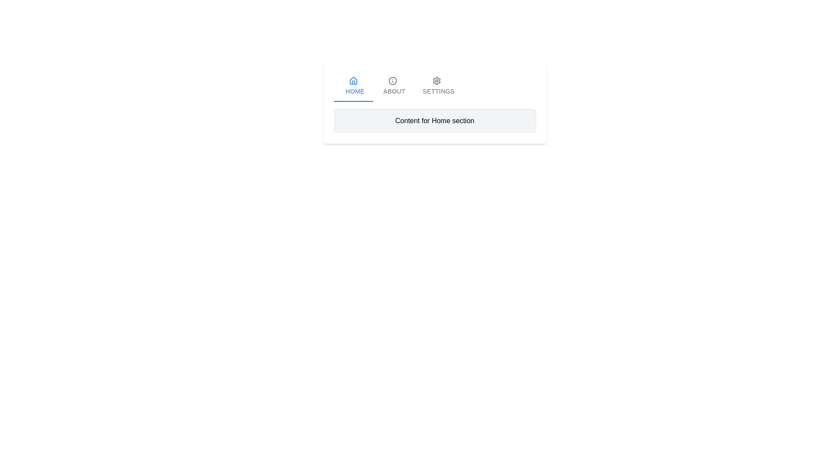 This screenshot has height=470, width=837. Describe the element at coordinates (439, 92) in the screenshot. I see `the 'Settings' text label, which is the last element in the row of navigation tabs including 'Home' and 'About', displayed in a normal font weight and dark color` at that location.